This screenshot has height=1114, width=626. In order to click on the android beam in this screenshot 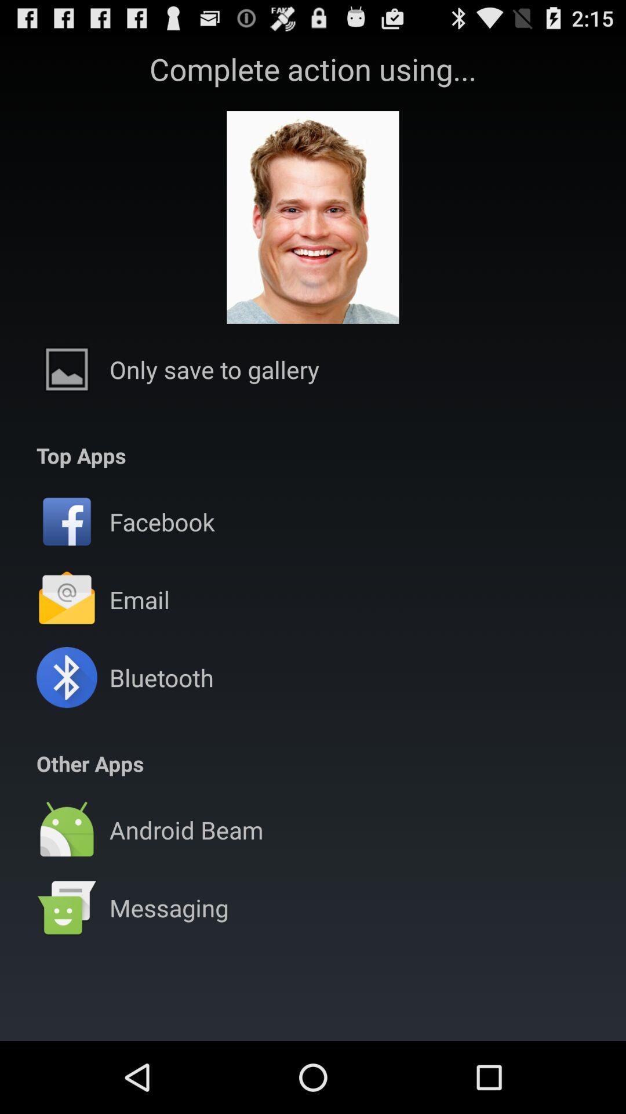, I will do `click(185, 829)`.